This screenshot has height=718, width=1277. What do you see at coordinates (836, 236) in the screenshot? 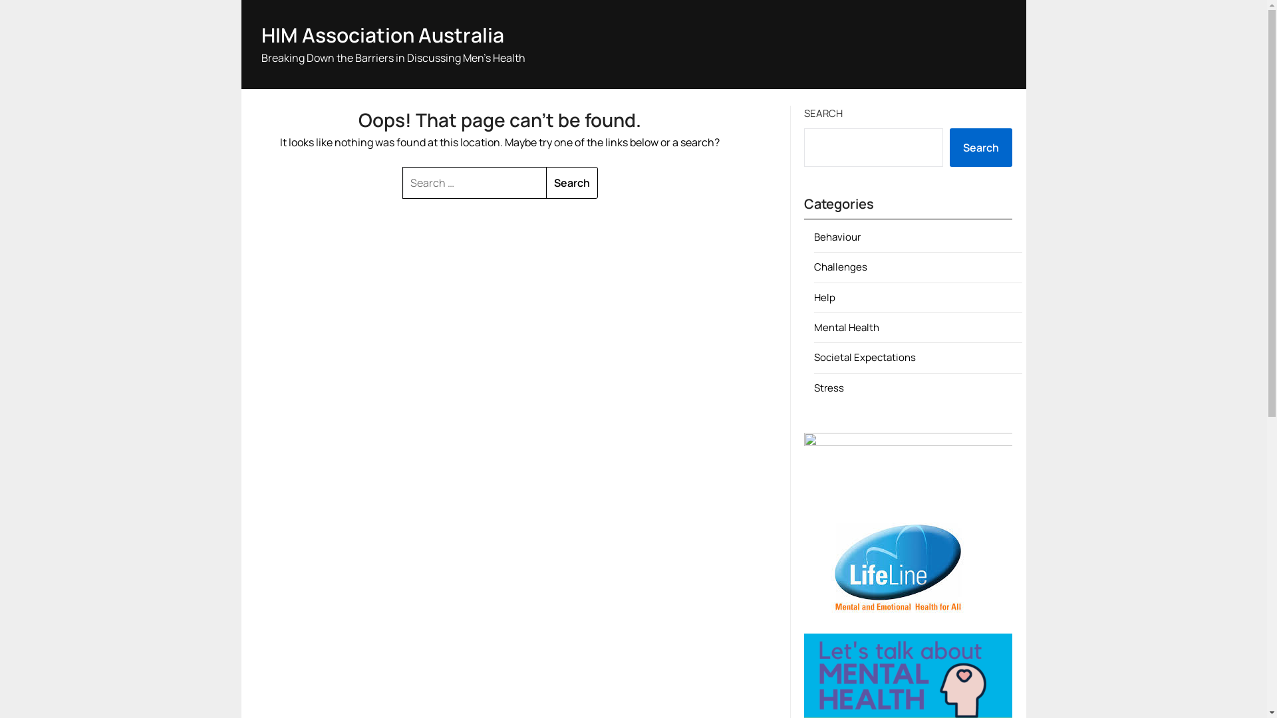
I see `'Behaviour'` at bounding box center [836, 236].